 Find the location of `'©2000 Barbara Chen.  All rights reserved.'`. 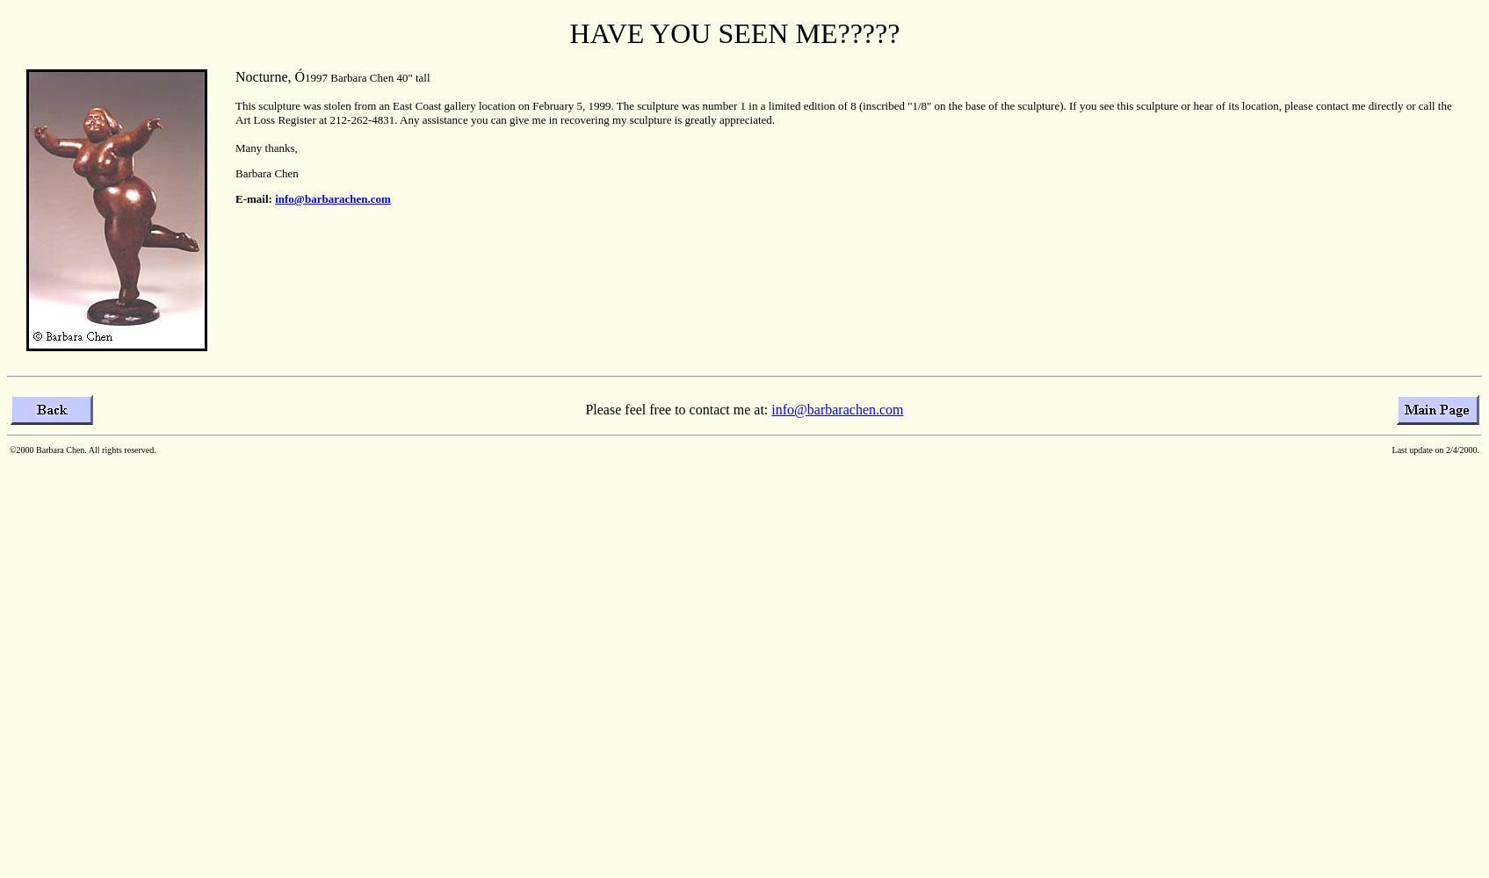

'©2000 Barbara Chen.  All rights reserved.' is located at coordinates (10, 450).